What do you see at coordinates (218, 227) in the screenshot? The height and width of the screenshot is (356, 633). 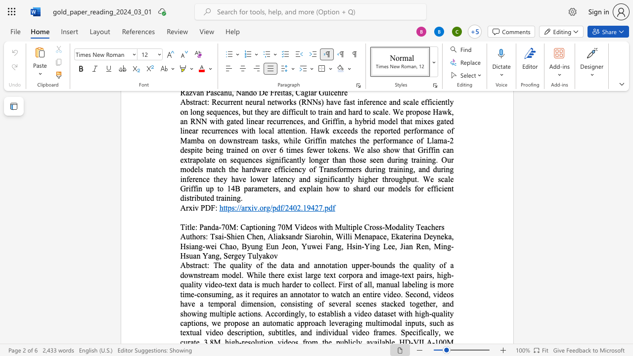 I see `the space between the continuous character "a" and "-" in the text` at bounding box center [218, 227].